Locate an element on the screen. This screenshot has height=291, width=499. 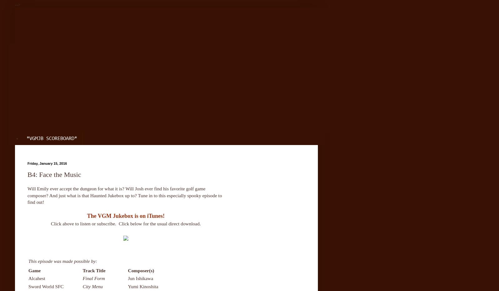
'Home' is located at coordinates (32, 50).